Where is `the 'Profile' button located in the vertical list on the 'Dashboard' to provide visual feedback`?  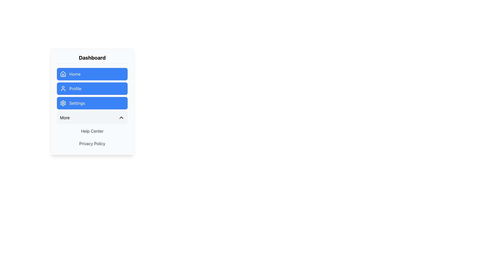
the 'Profile' button located in the vertical list on the 'Dashboard' to provide visual feedback is located at coordinates (92, 88).